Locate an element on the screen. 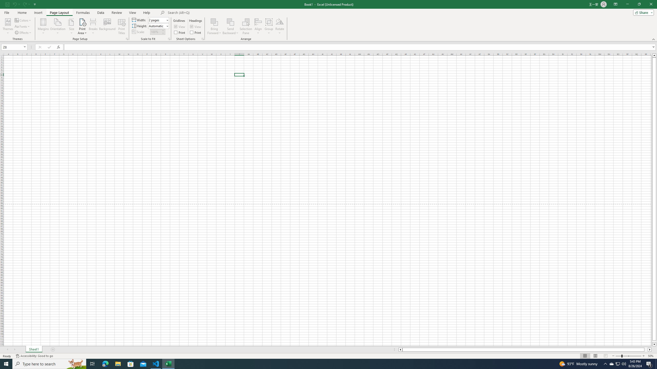  'Send Backward' is located at coordinates (230, 26).